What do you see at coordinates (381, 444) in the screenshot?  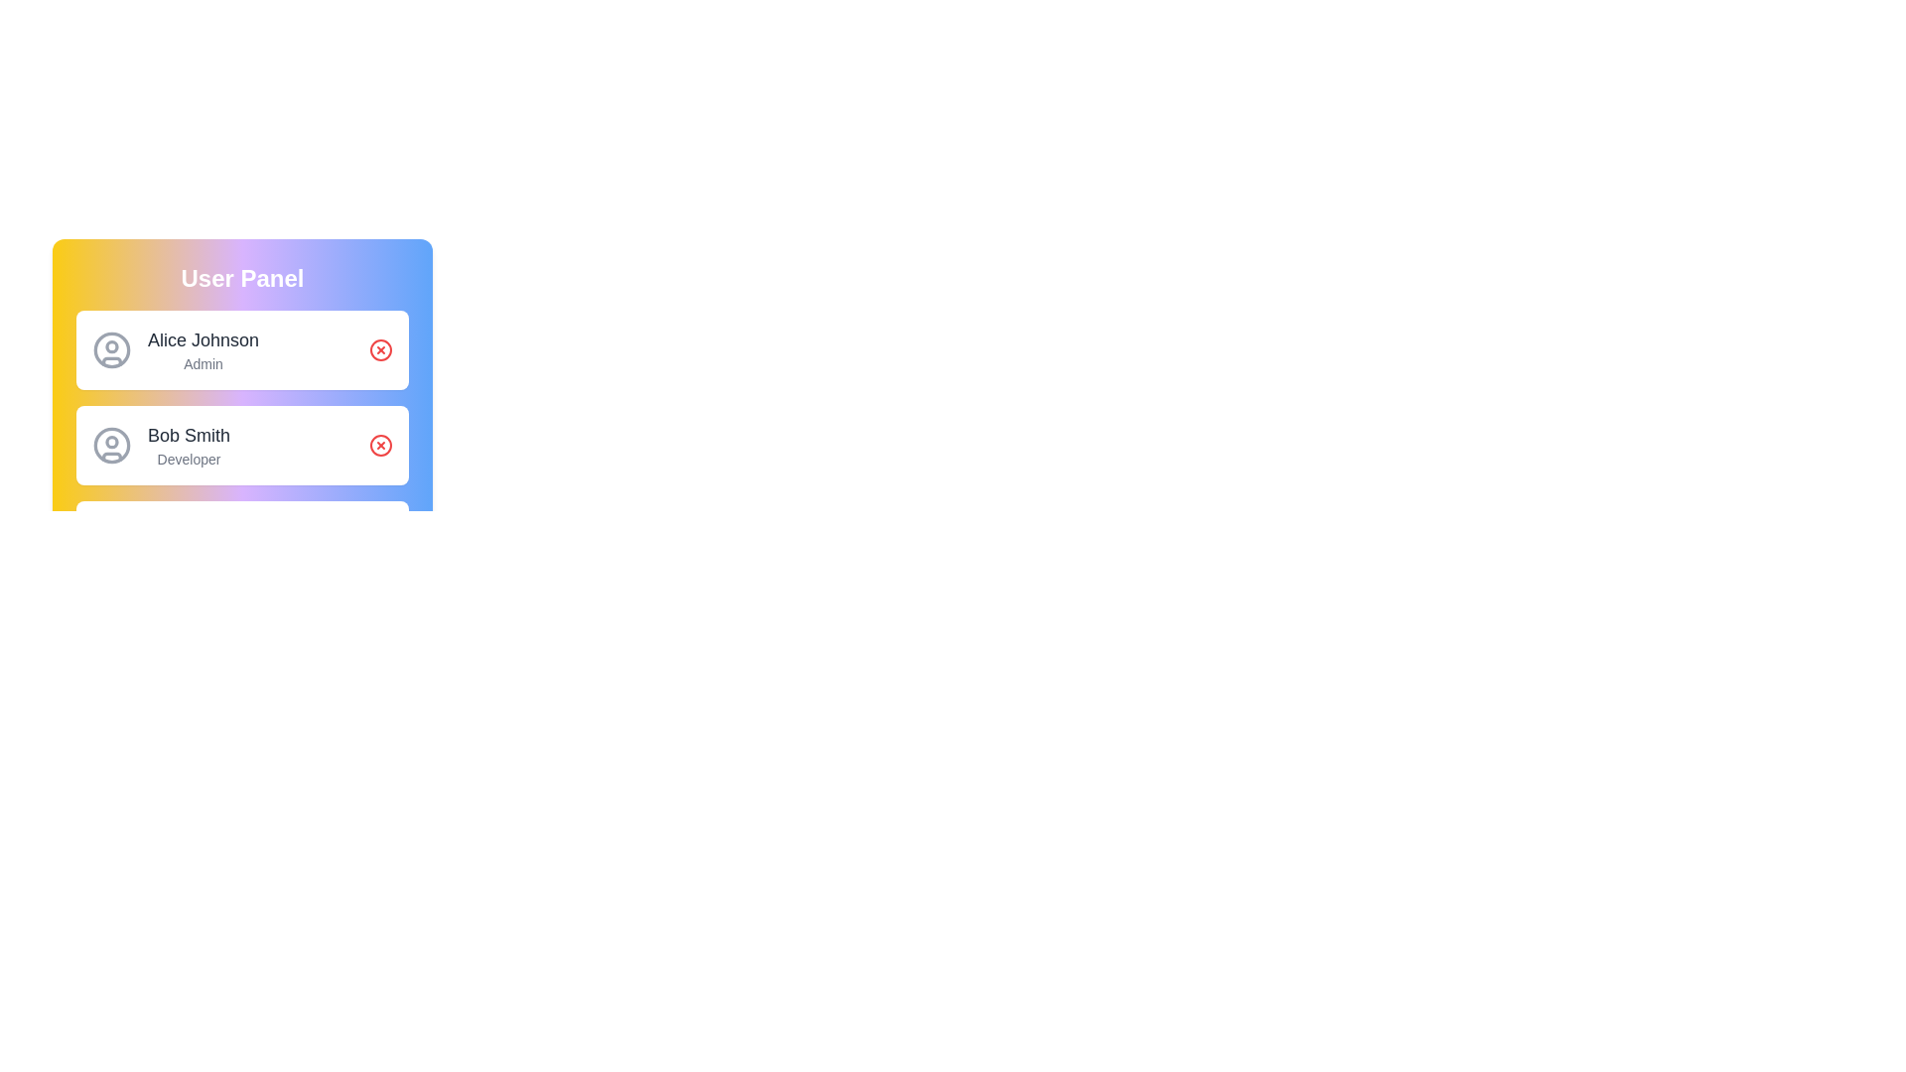 I see `the delete icon associated with the user entry 'Bob Smith' (Developer)` at bounding box center [381, 444].